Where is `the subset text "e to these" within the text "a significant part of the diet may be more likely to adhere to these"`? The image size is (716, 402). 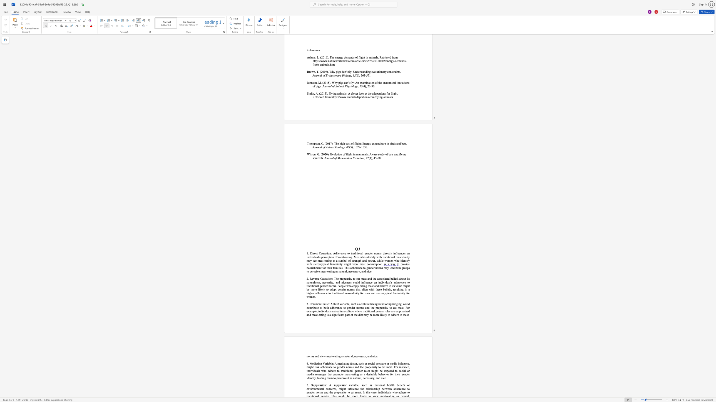 the subset text "e to these" within the text "a significant part of the diet may be more likely to adhere to these" is located at coordinates (397, 314).